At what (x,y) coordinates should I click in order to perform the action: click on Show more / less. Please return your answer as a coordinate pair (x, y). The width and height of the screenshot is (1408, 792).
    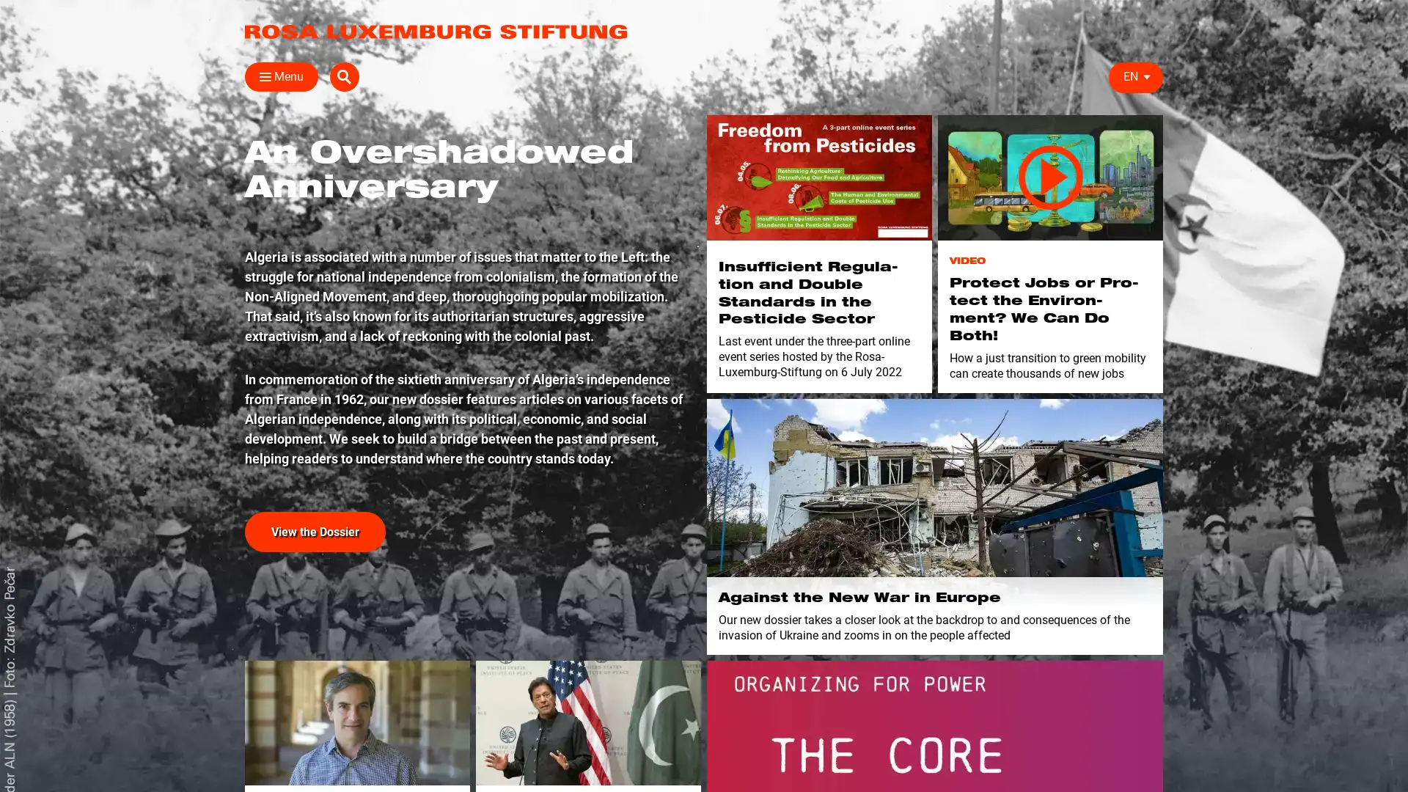
    Looking at the image, I should click on (467, 289).